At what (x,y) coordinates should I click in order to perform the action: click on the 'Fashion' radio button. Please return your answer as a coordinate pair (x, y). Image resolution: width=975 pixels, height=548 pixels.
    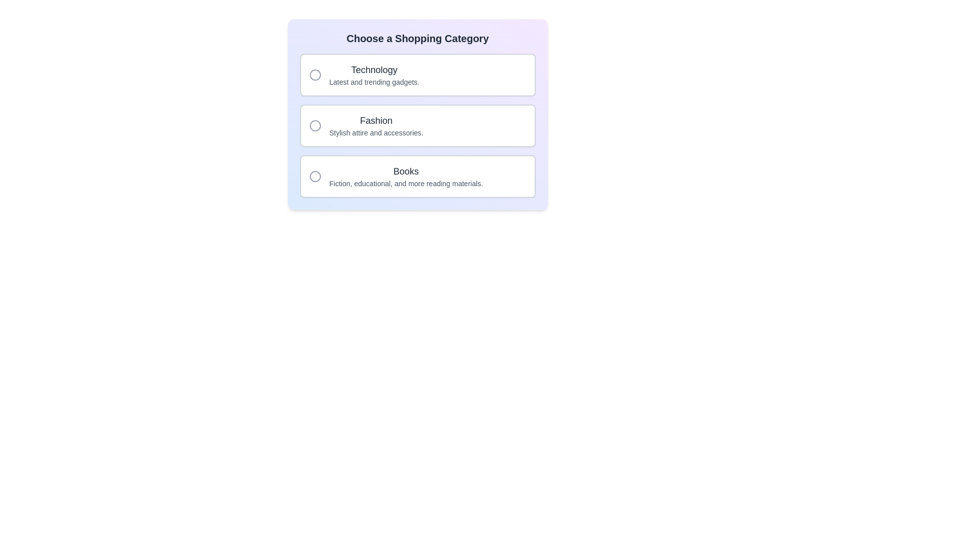
    Looking at the image, I should click on (314, 125).